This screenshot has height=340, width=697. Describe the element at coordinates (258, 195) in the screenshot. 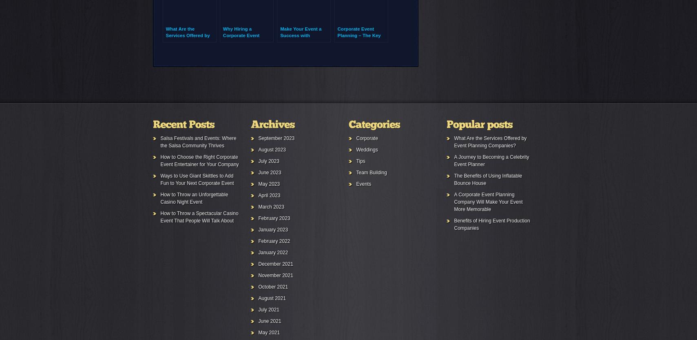

I see `'April 2023'` at that location.